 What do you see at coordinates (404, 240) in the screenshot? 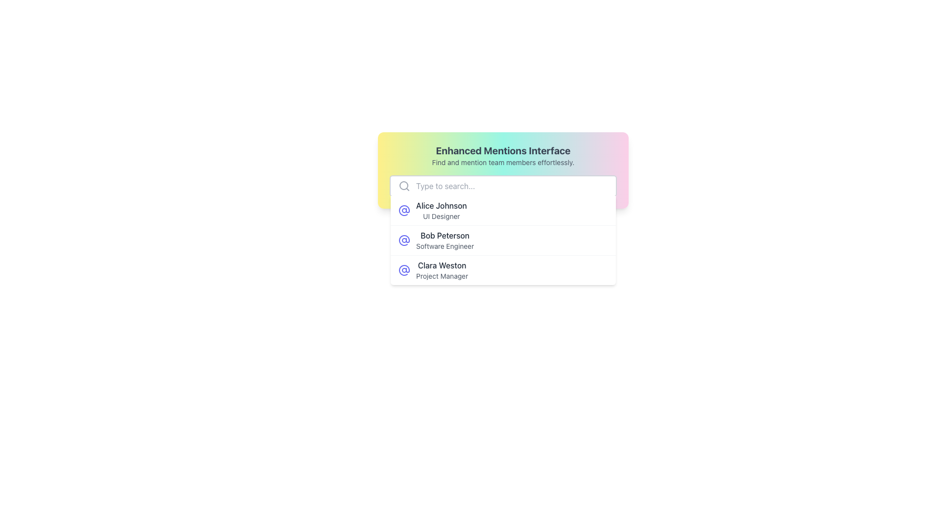
I see `the circular blue '@' icon located in the second entry of the list next to 'Bob Peterson Software Engineer'` at bounding box center [404, 240].